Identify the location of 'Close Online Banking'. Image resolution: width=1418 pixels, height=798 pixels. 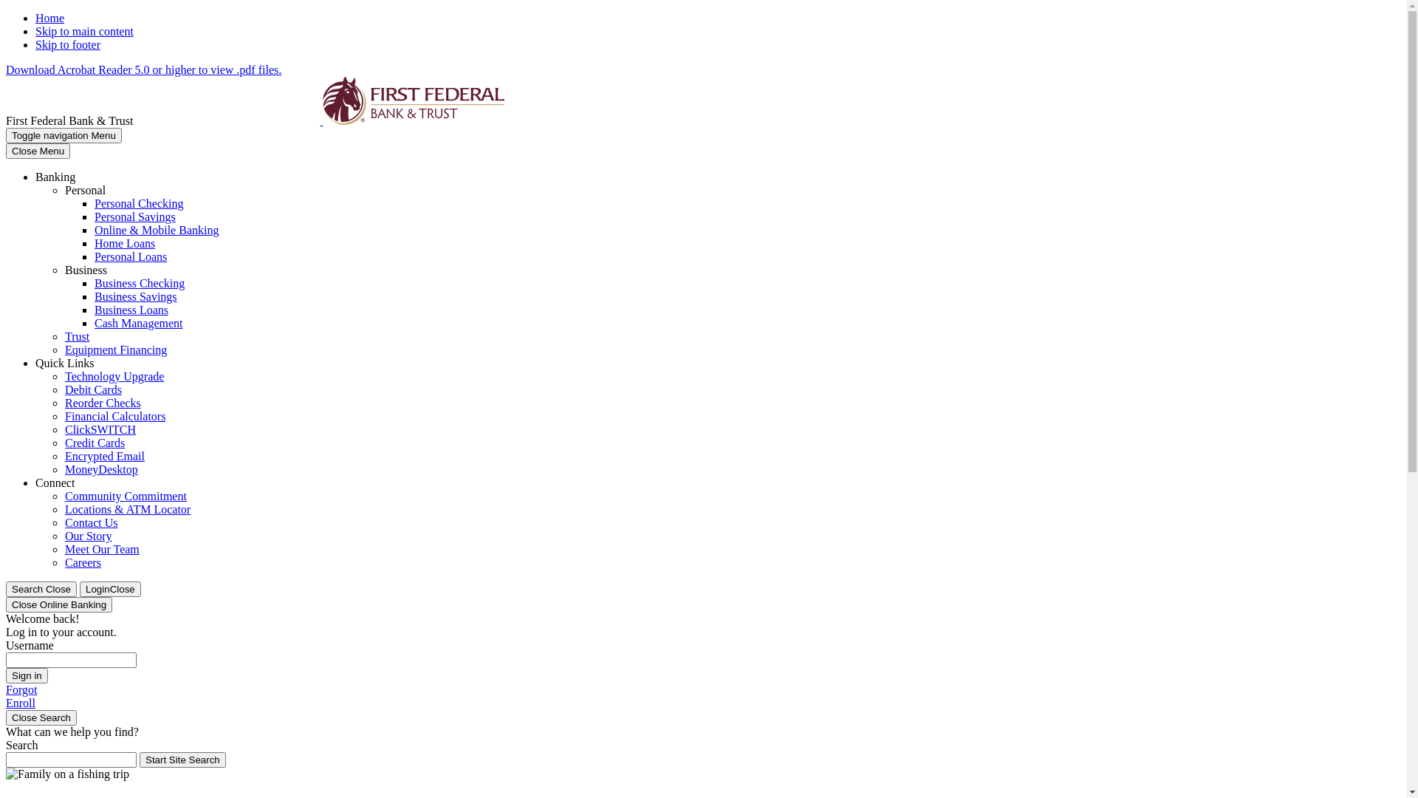
(59, 604).